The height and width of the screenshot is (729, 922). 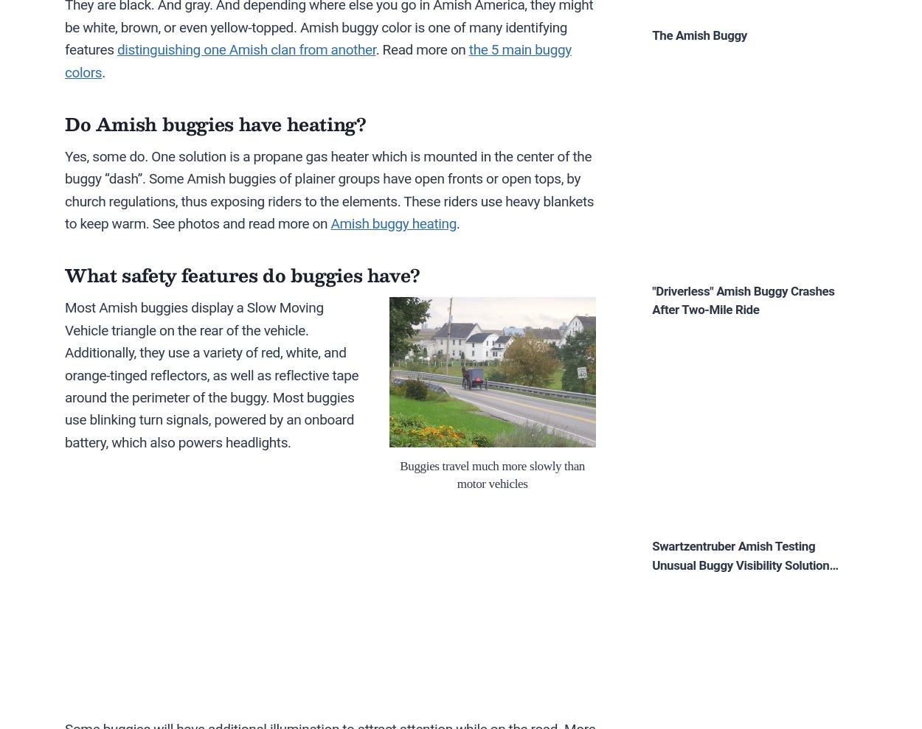 What do you see at coordinates (318, 60) in the screenshot?
I see `'the 5 main buggy colors'` at bounding box center [318, 60].